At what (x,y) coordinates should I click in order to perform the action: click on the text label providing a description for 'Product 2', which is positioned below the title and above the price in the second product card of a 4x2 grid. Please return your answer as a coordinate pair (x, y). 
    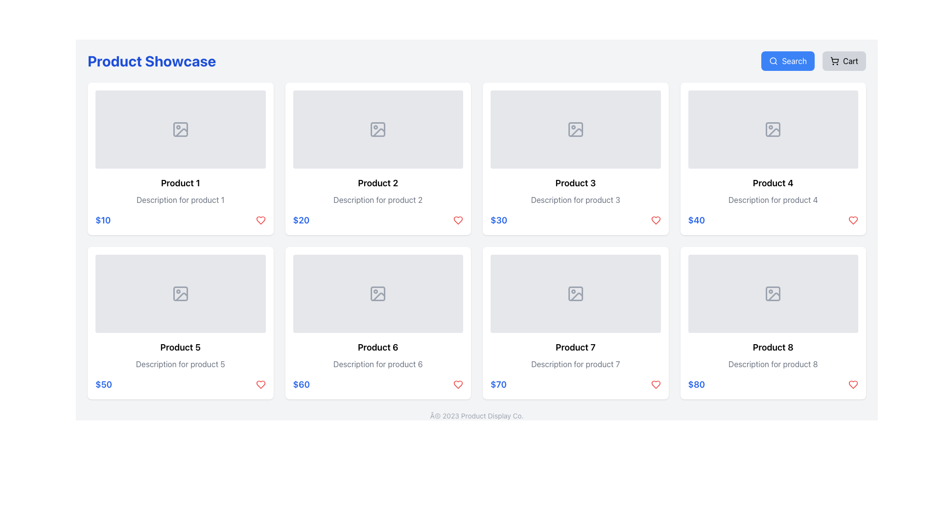
    Looking at the image, I should click on (377, 199).